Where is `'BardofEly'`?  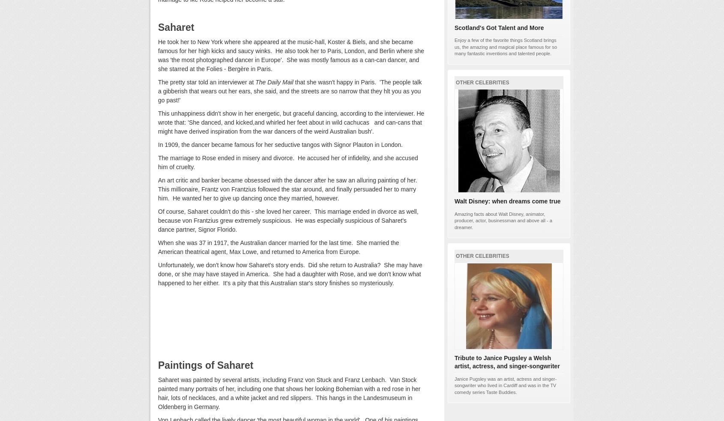 'BardofEly' is located at coordinates (511, 271).